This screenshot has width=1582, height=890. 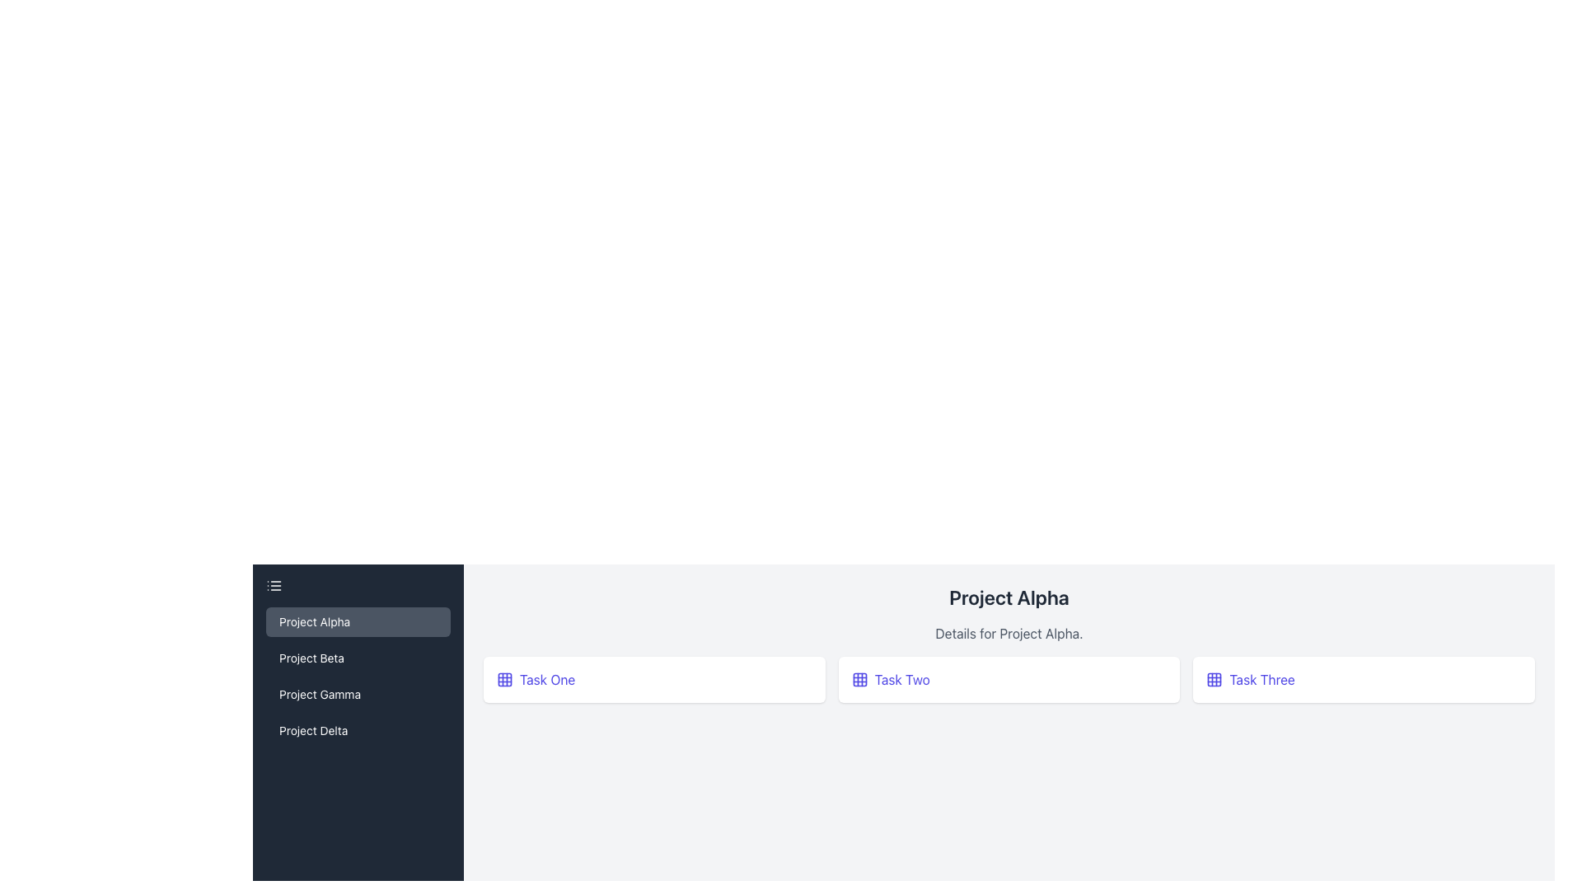 What do you see at coordinates (358, 695) in the screenshot?
I see `the 'Project Gamma' button, which is the third item in the project list` at bounding box center [358, 695].